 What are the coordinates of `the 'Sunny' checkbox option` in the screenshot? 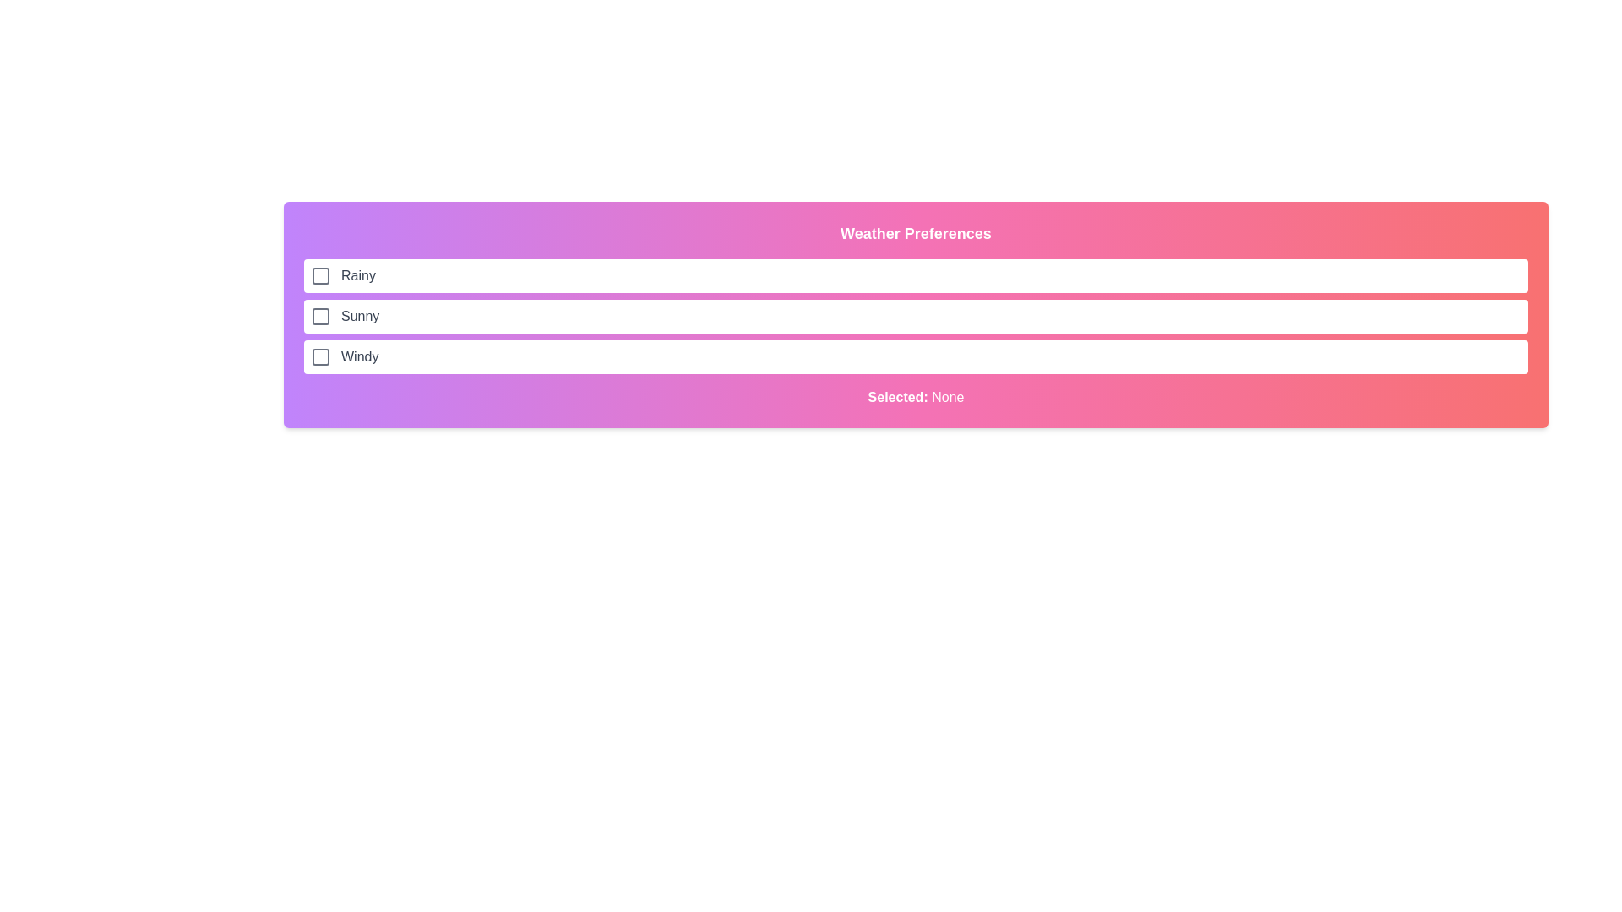 It's located at (915, 316).